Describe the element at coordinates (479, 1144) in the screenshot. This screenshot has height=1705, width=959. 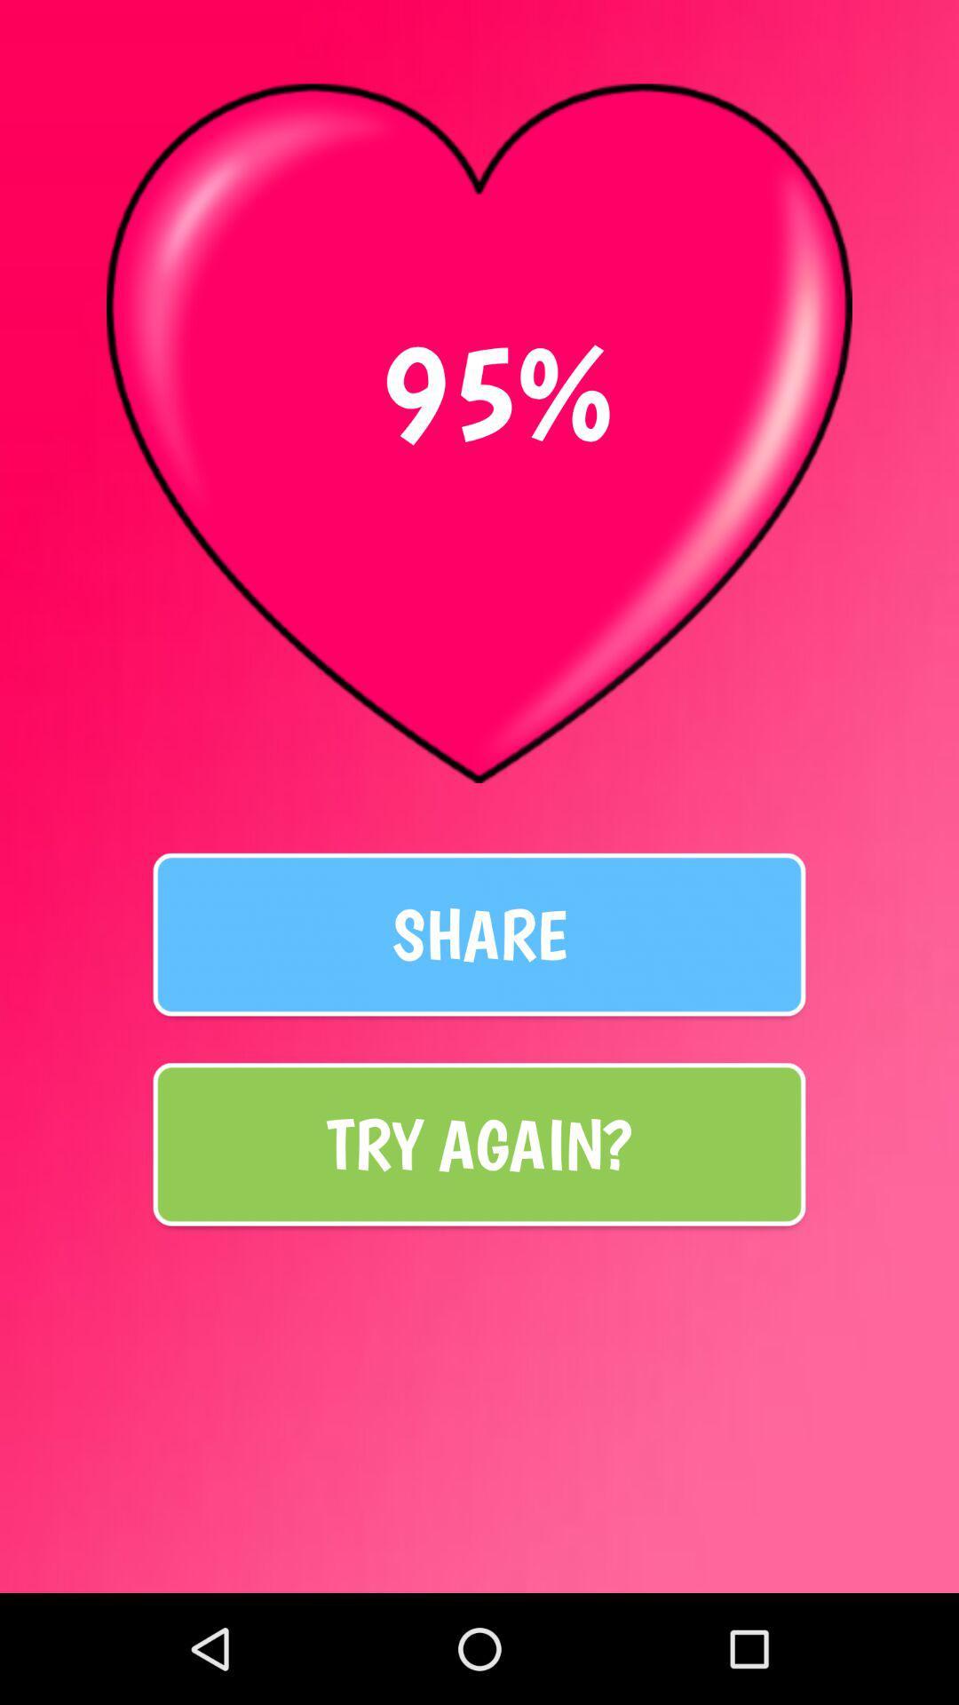
I see `try again? item` at that location.